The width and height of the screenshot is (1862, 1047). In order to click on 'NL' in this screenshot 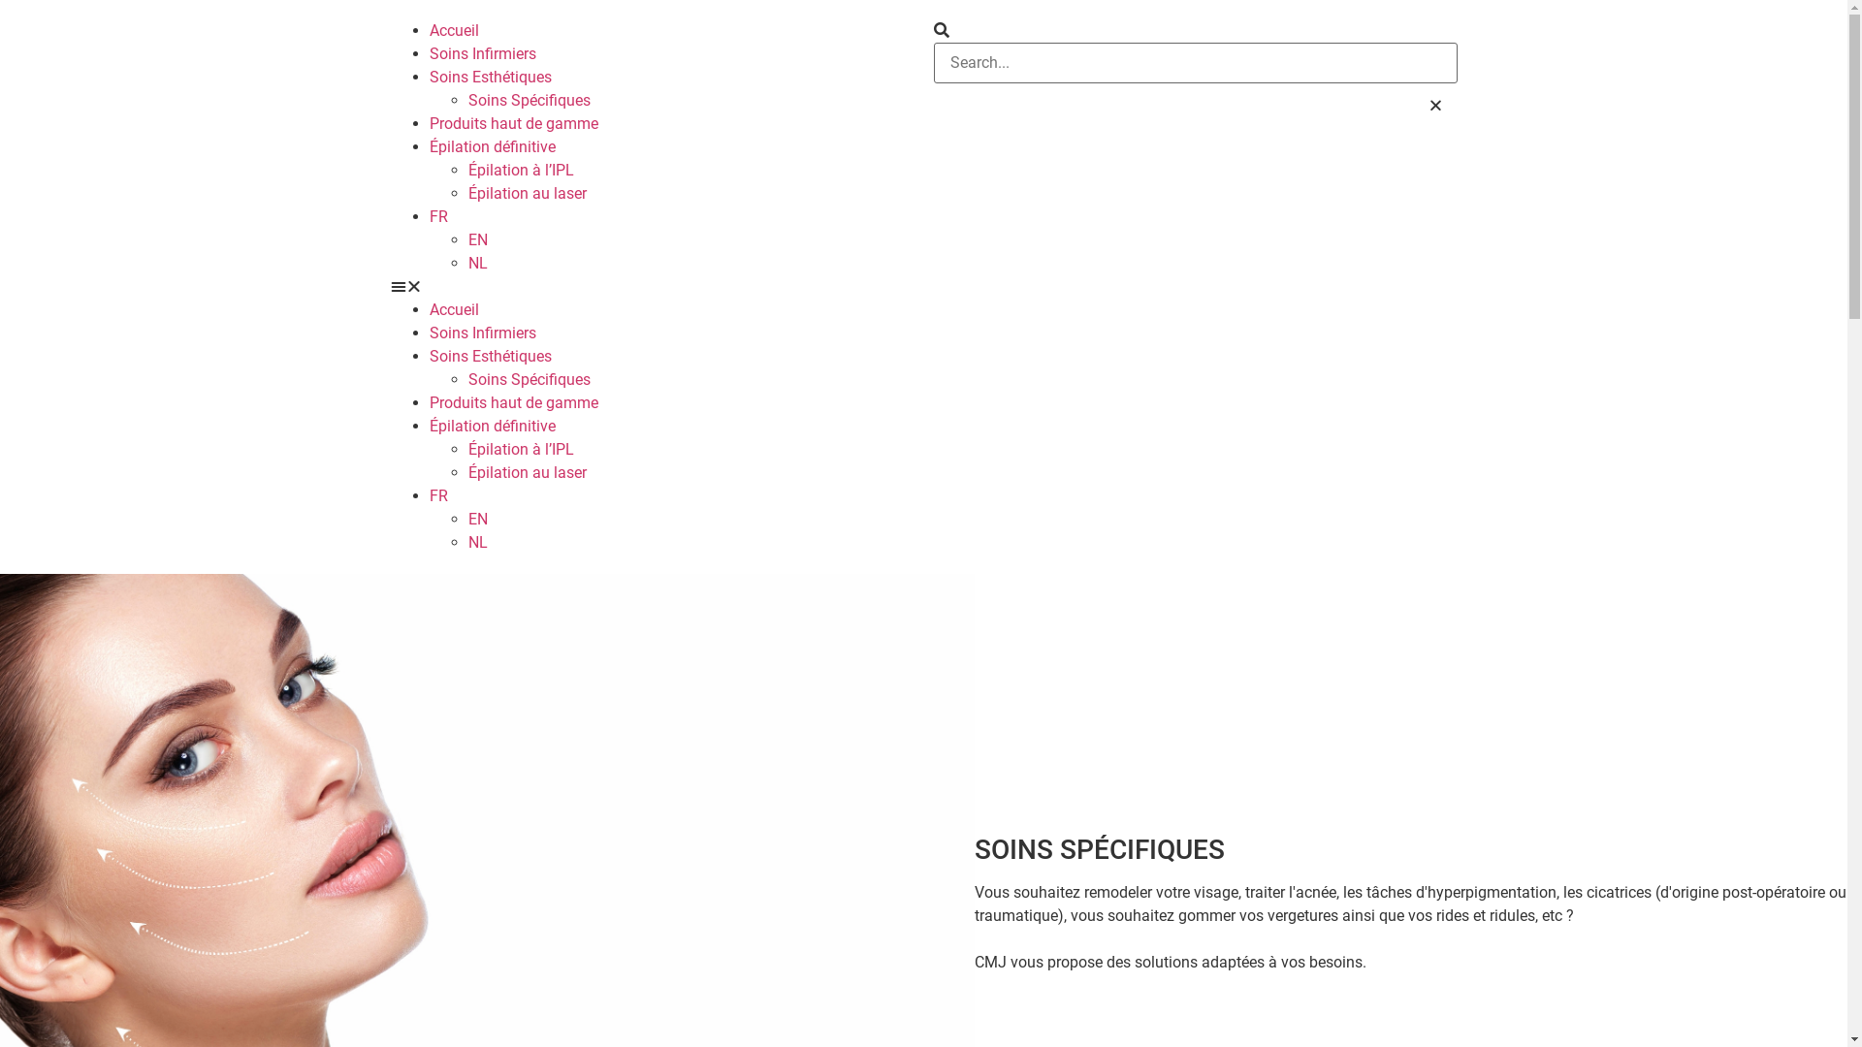, I will do `click(476, 542)`.